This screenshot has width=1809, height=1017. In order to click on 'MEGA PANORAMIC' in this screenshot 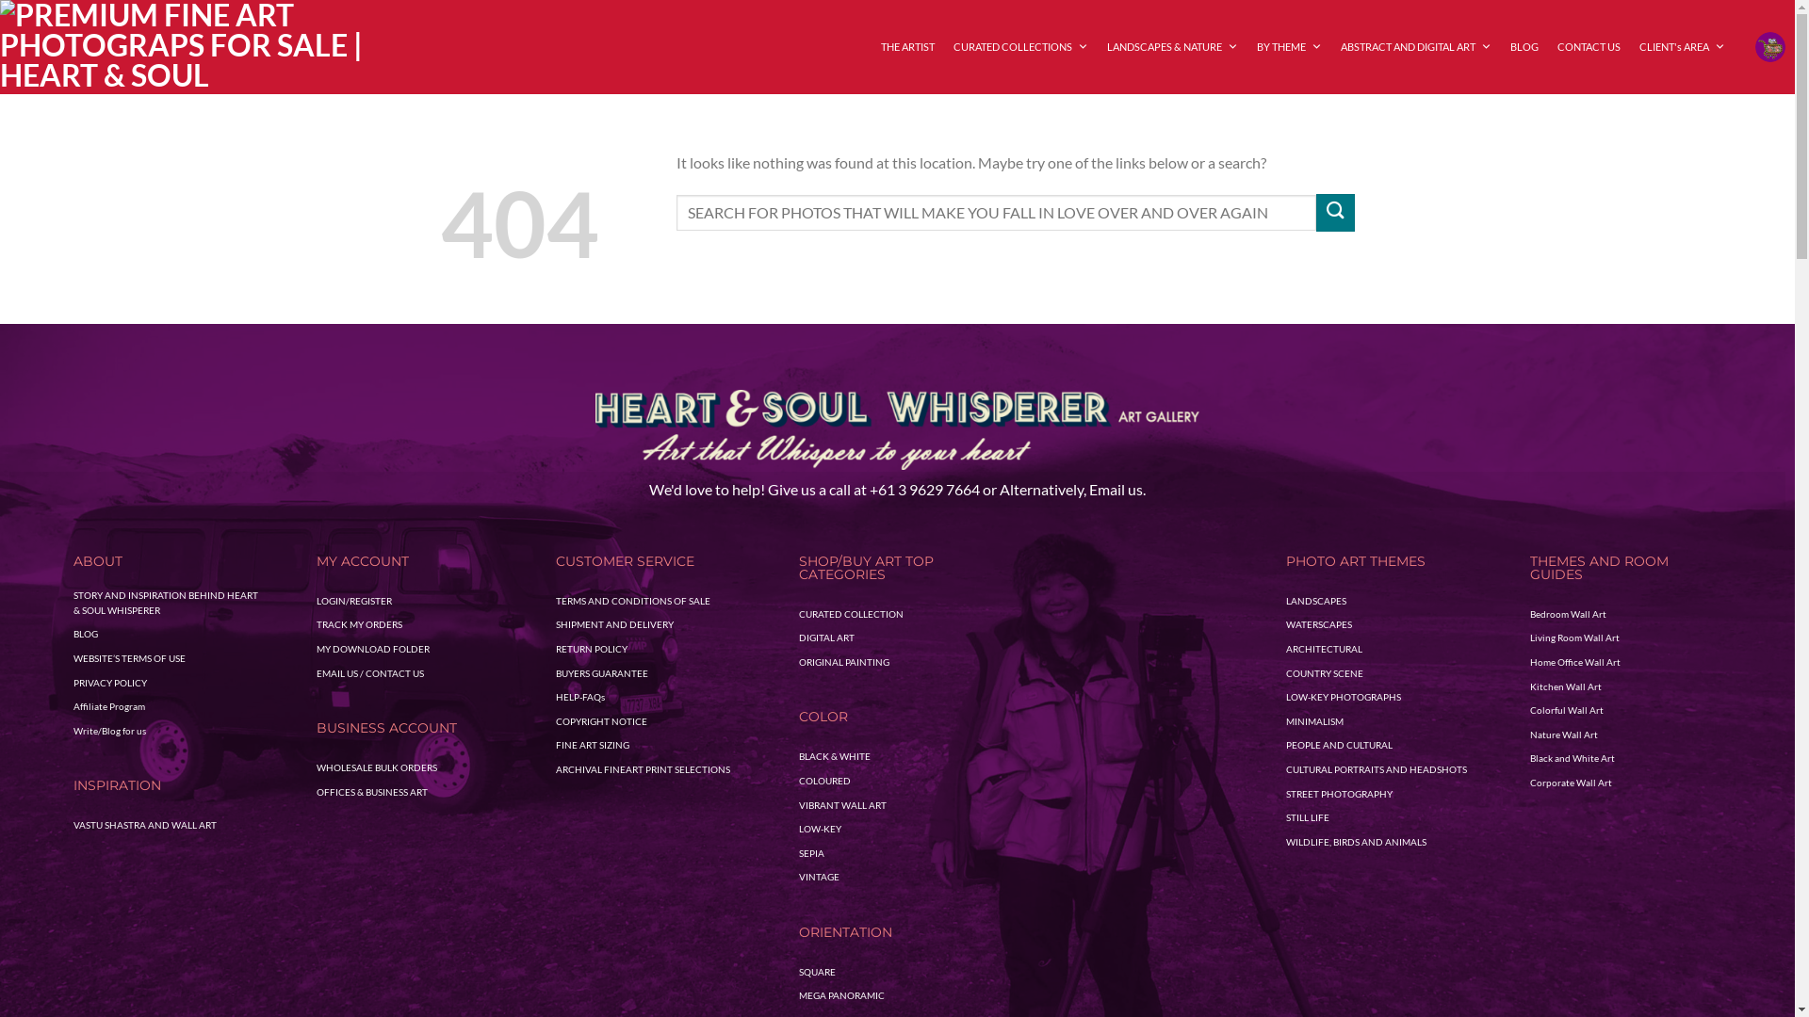, I will do `click(840, 993)`.